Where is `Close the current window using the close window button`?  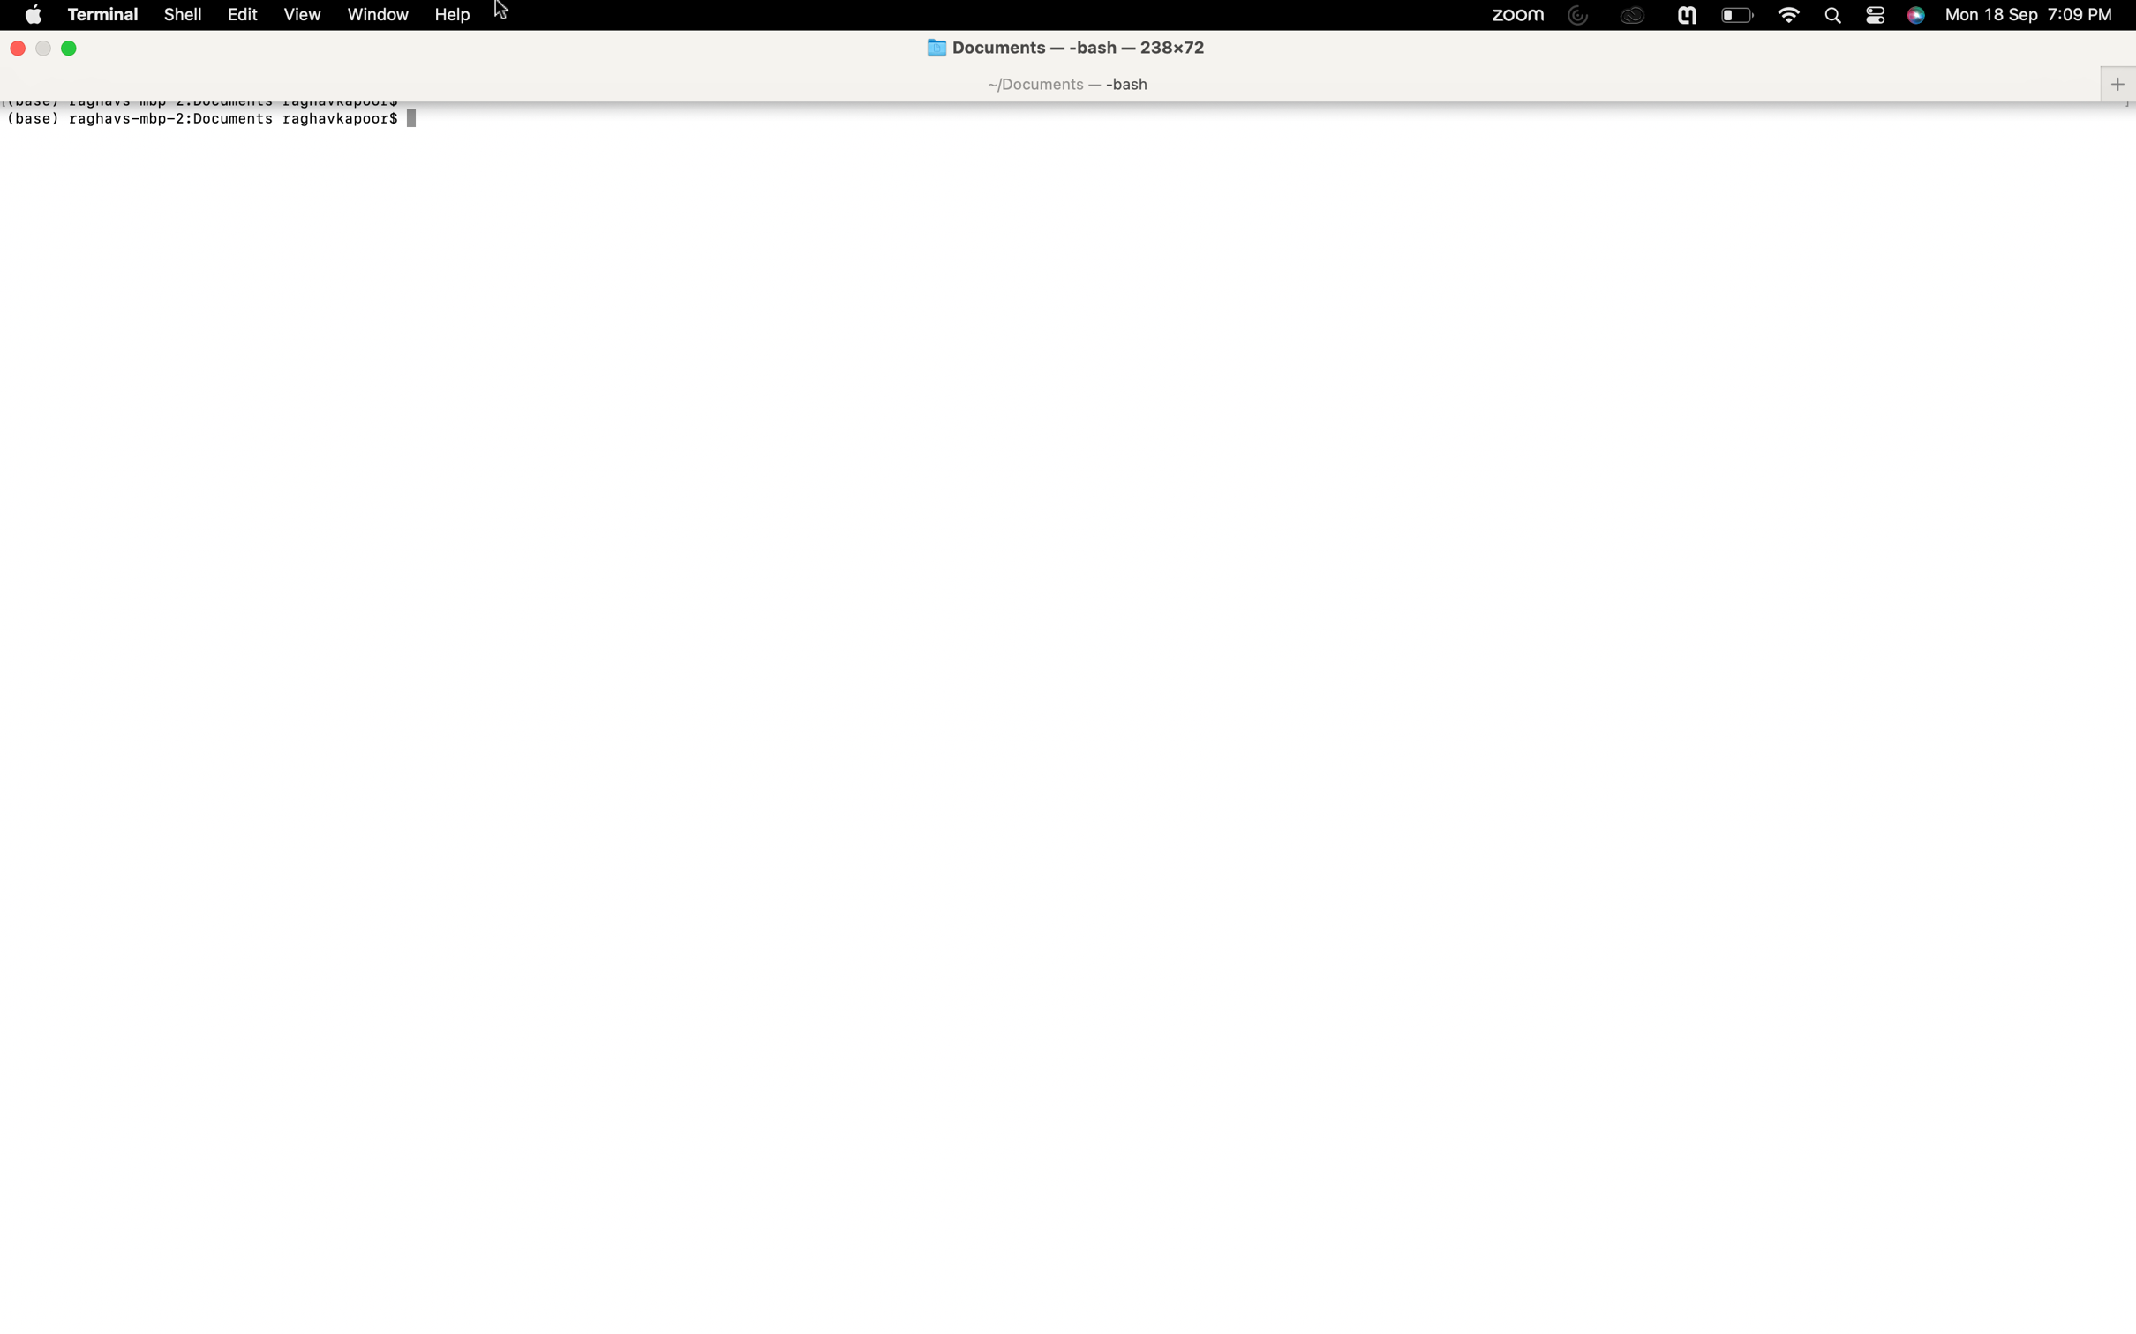
Close the current window using the close window button is located at coordinates (17, 45).